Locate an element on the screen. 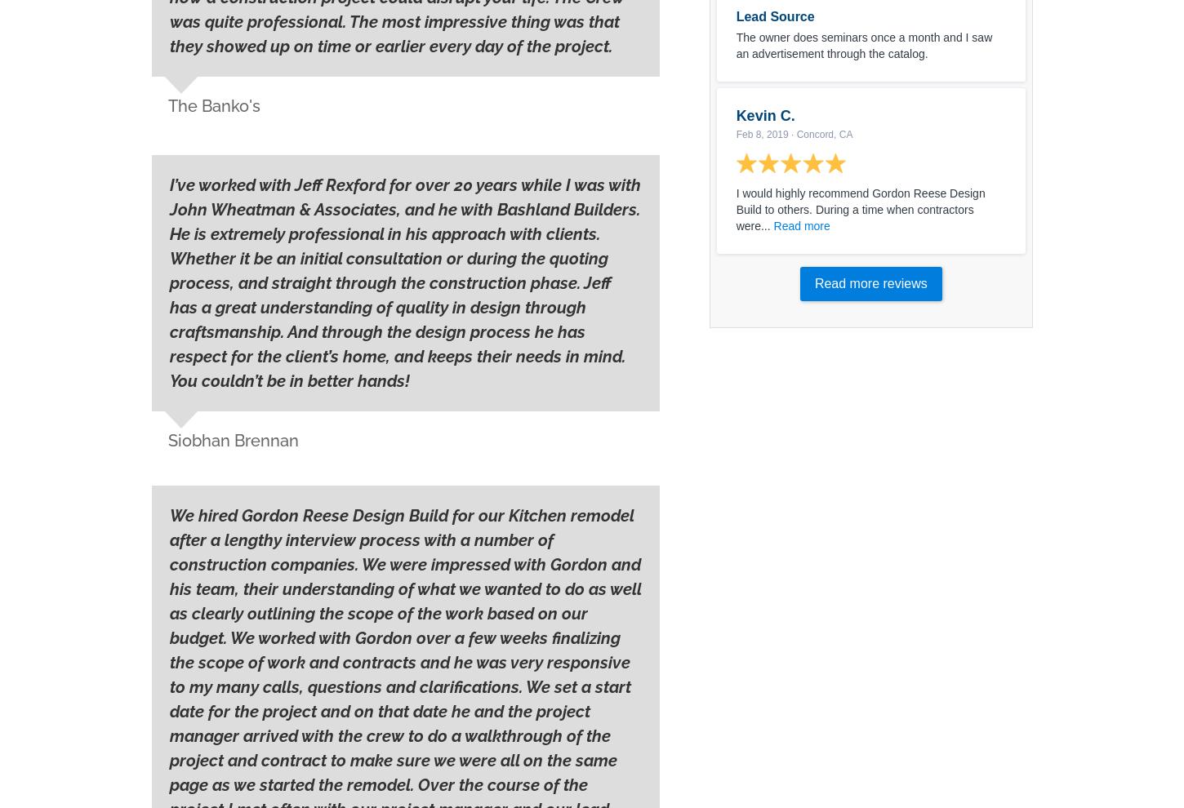  'I’ve worked with Jeff Rexford for over 20 years while I was with John Wheatman & Associates, and he with Bashland Builders. He is extremely professional in his approach with clients. Whether it be an initial consultation or during the quoting process, and straight through the construction phase. Jeff has a great understanding of quality in design through craftsmanship. And through the design process he has respect for the client’s home, and keeps their needs in mind. You couldn’t be in better hands!' is located at coordinates (405, 282).